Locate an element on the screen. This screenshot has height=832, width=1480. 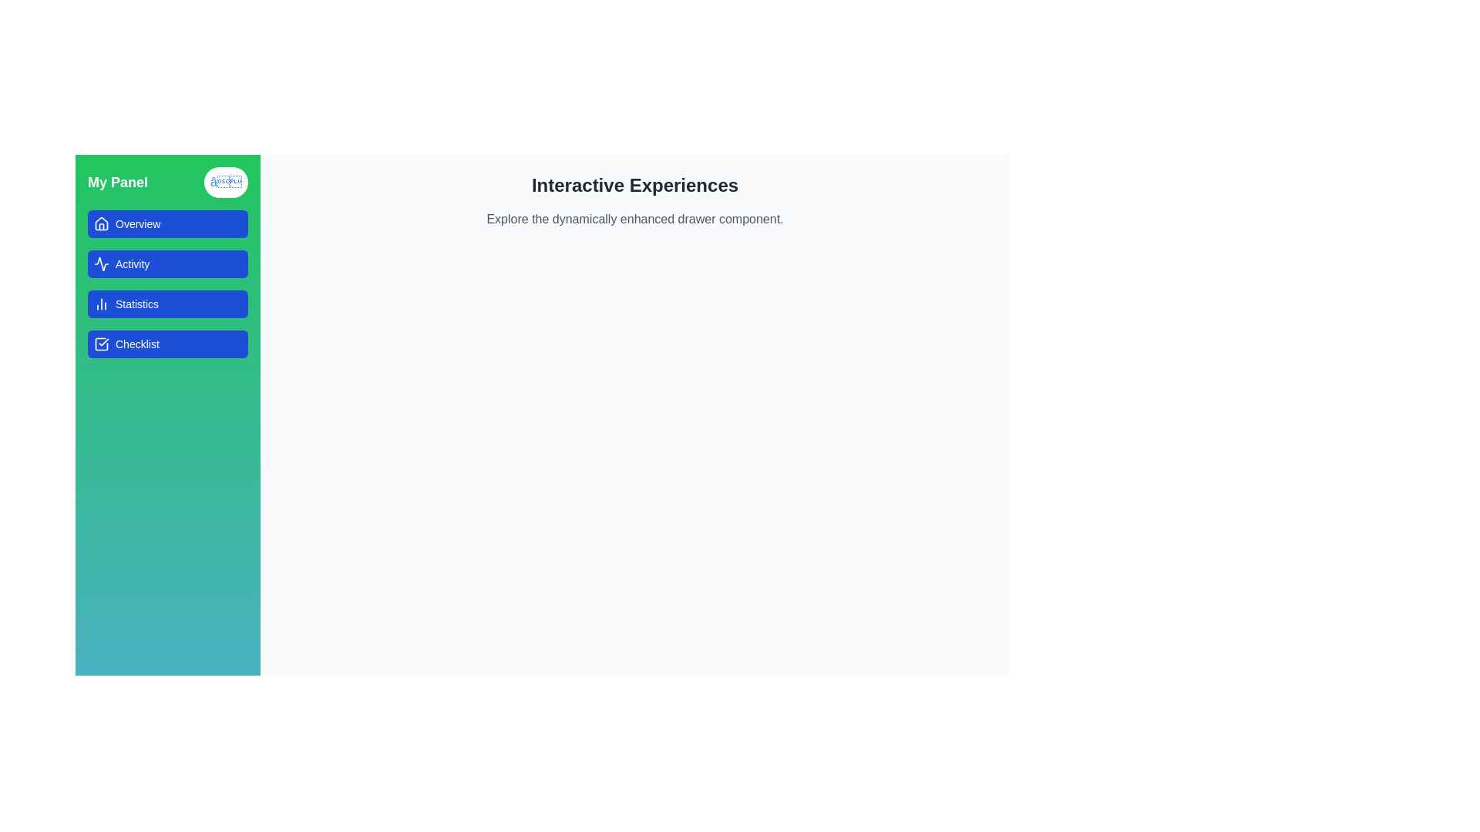
the 'Overview' text element, which is blue-colored and located to the right of a house icon inside the first blue button in the left vertical navigation panel is located at coordinates (138, 223).